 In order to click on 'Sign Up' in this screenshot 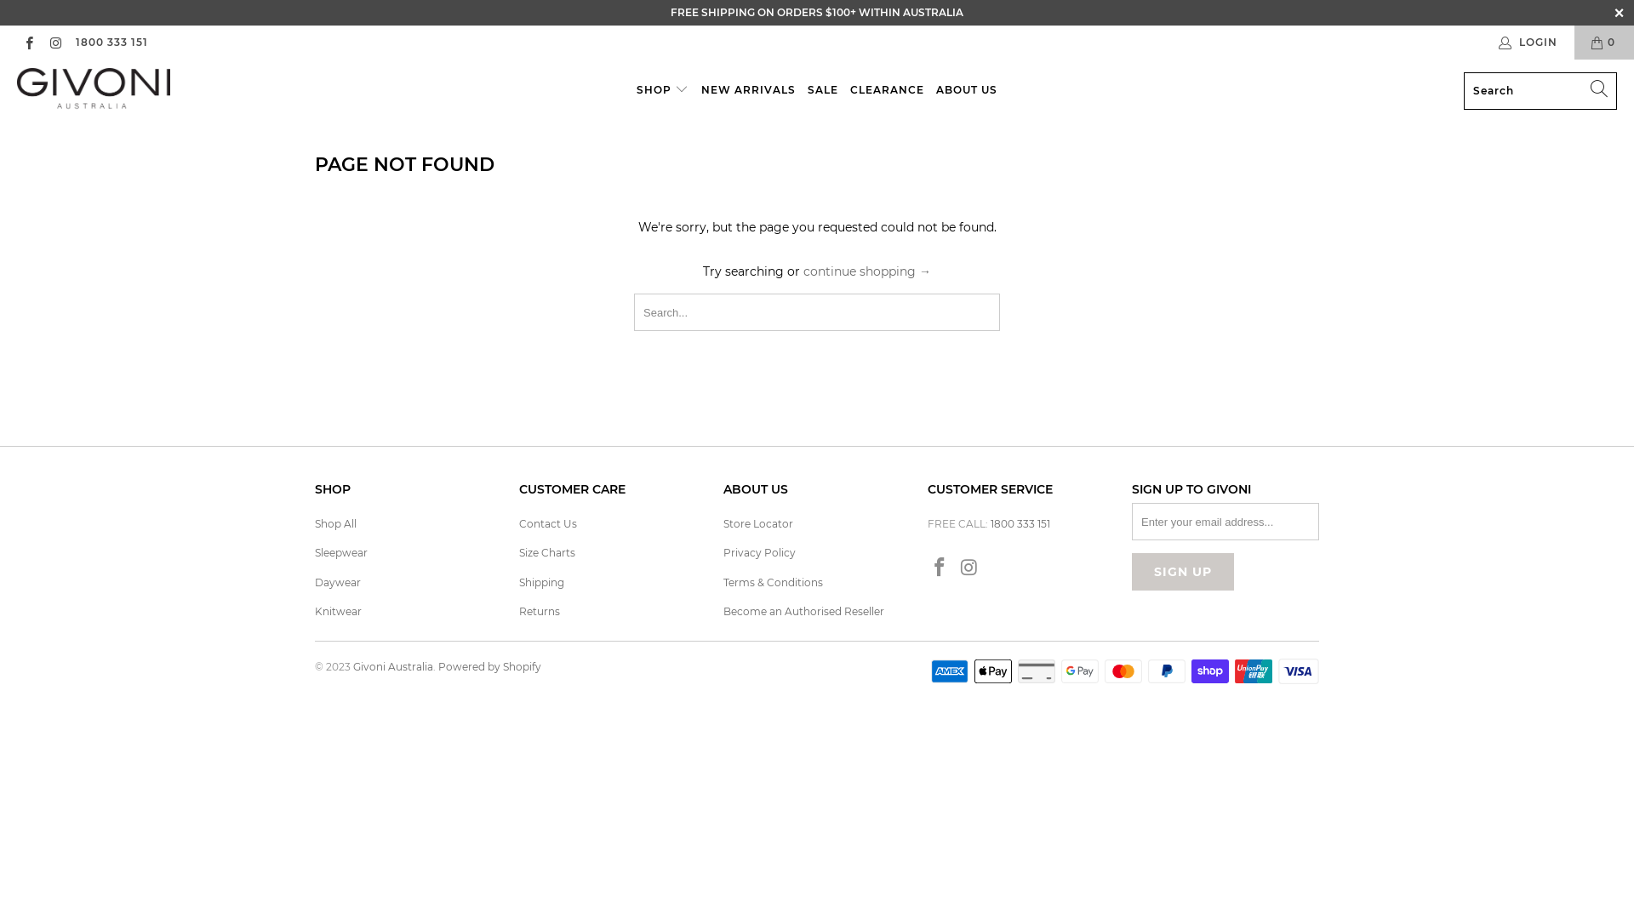, I will do `click(1131, 571)`.